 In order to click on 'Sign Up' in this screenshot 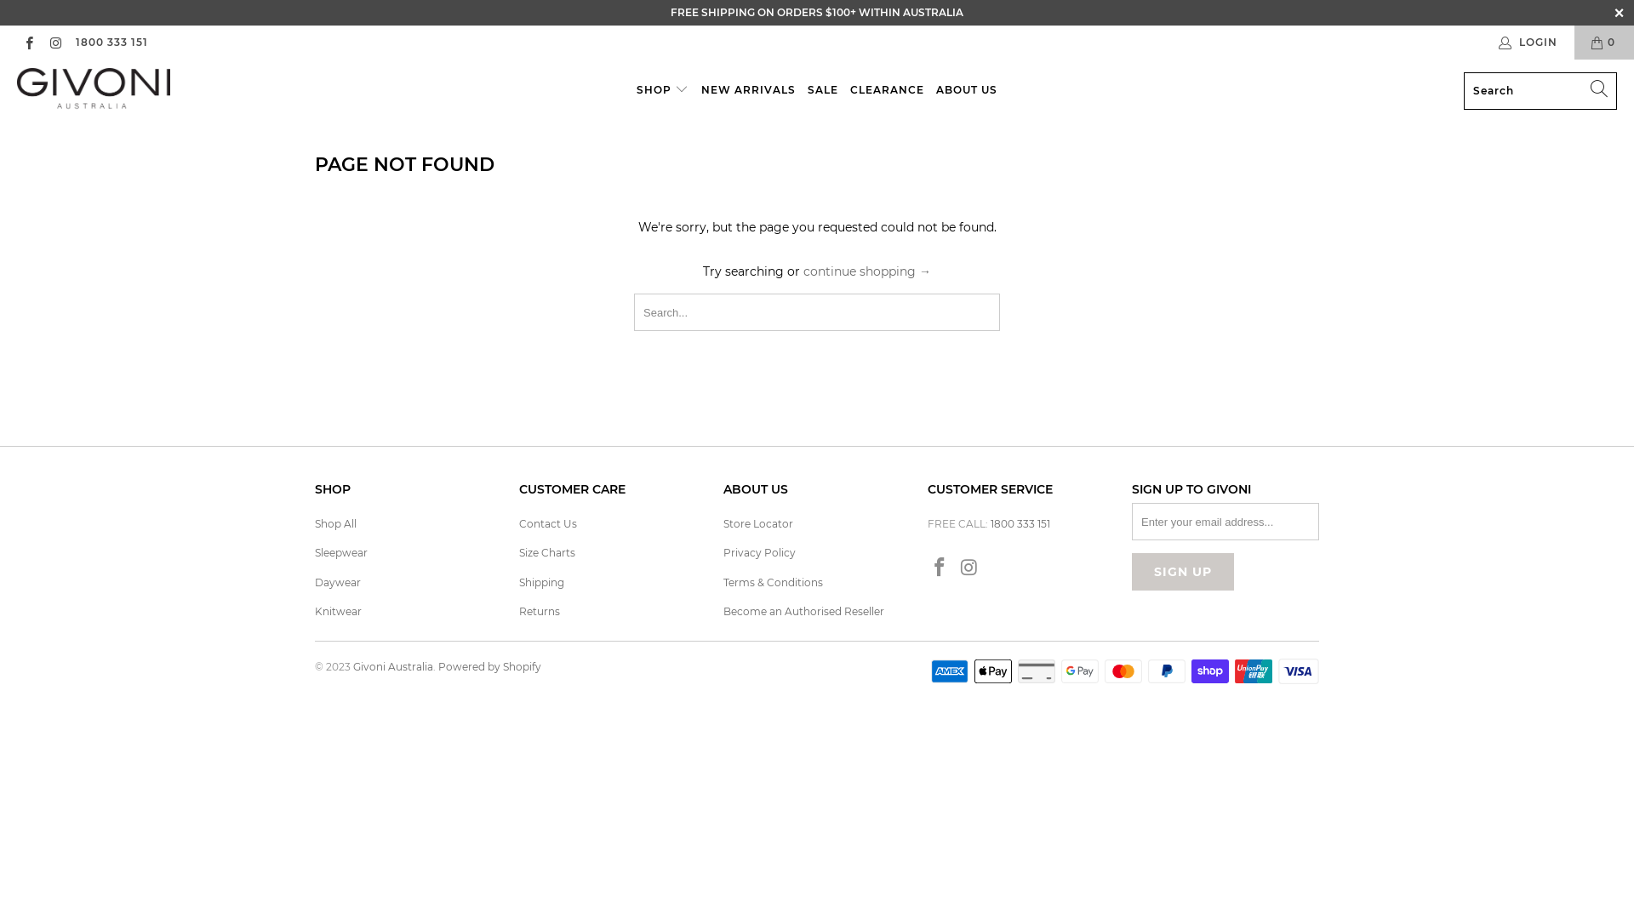, I will do `click(1131, 571)`.